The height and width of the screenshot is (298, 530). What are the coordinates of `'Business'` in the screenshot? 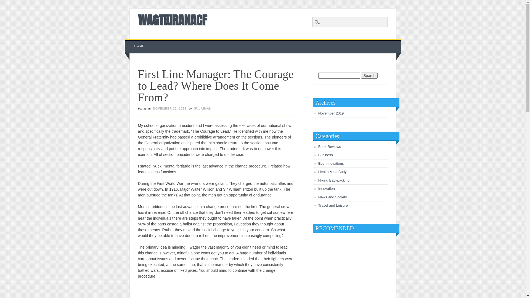 It's located at (325, 155).